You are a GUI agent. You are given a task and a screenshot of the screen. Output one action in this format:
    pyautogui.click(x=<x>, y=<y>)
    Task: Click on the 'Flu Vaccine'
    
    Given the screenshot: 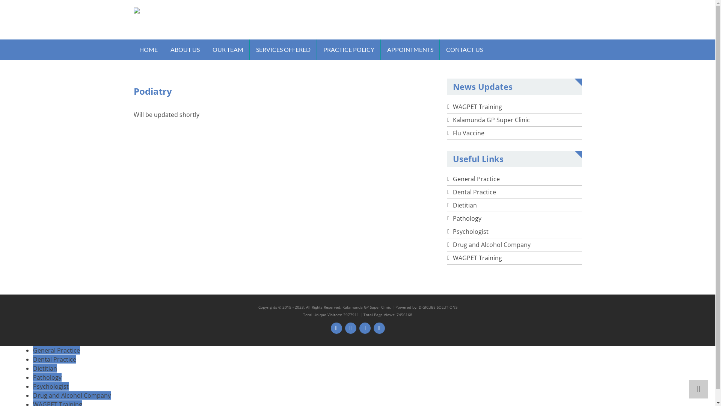 What is the action you would take?
    pyautogui.click(x=452, y=133)
    